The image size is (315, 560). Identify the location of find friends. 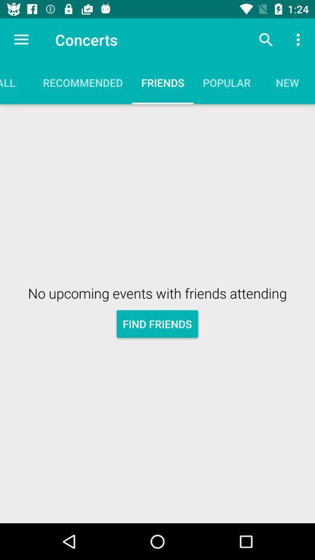
(157, 324).